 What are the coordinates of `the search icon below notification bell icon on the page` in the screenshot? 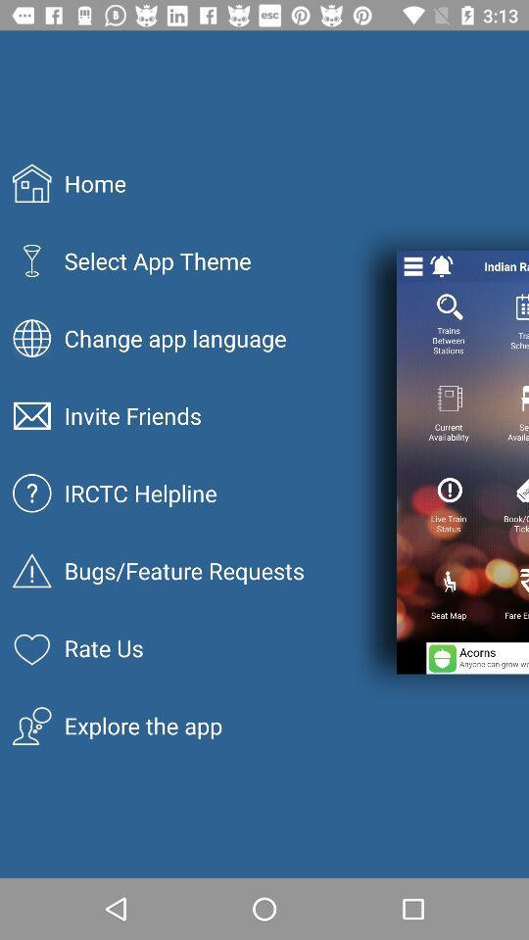 It's located at (450, 306).